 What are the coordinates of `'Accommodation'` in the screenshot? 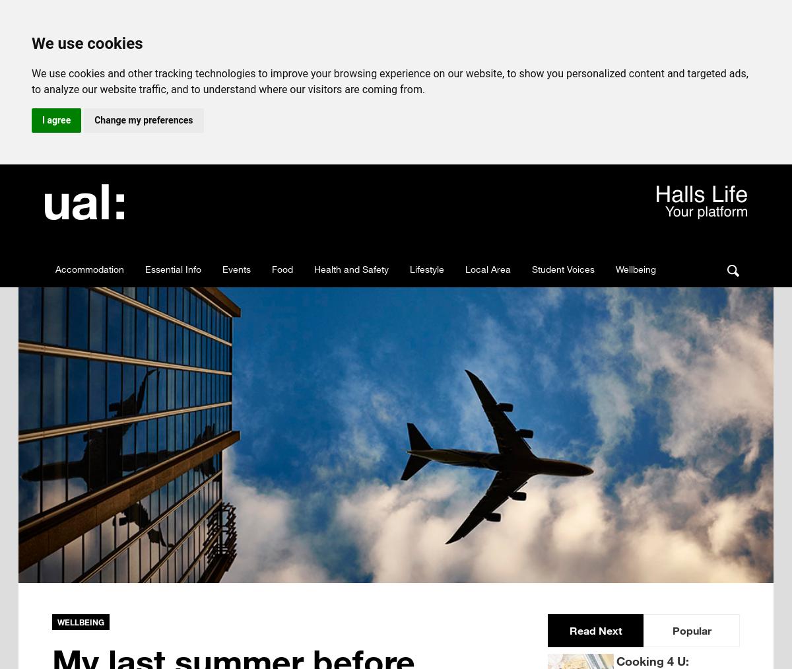 It's located at (55, 268).